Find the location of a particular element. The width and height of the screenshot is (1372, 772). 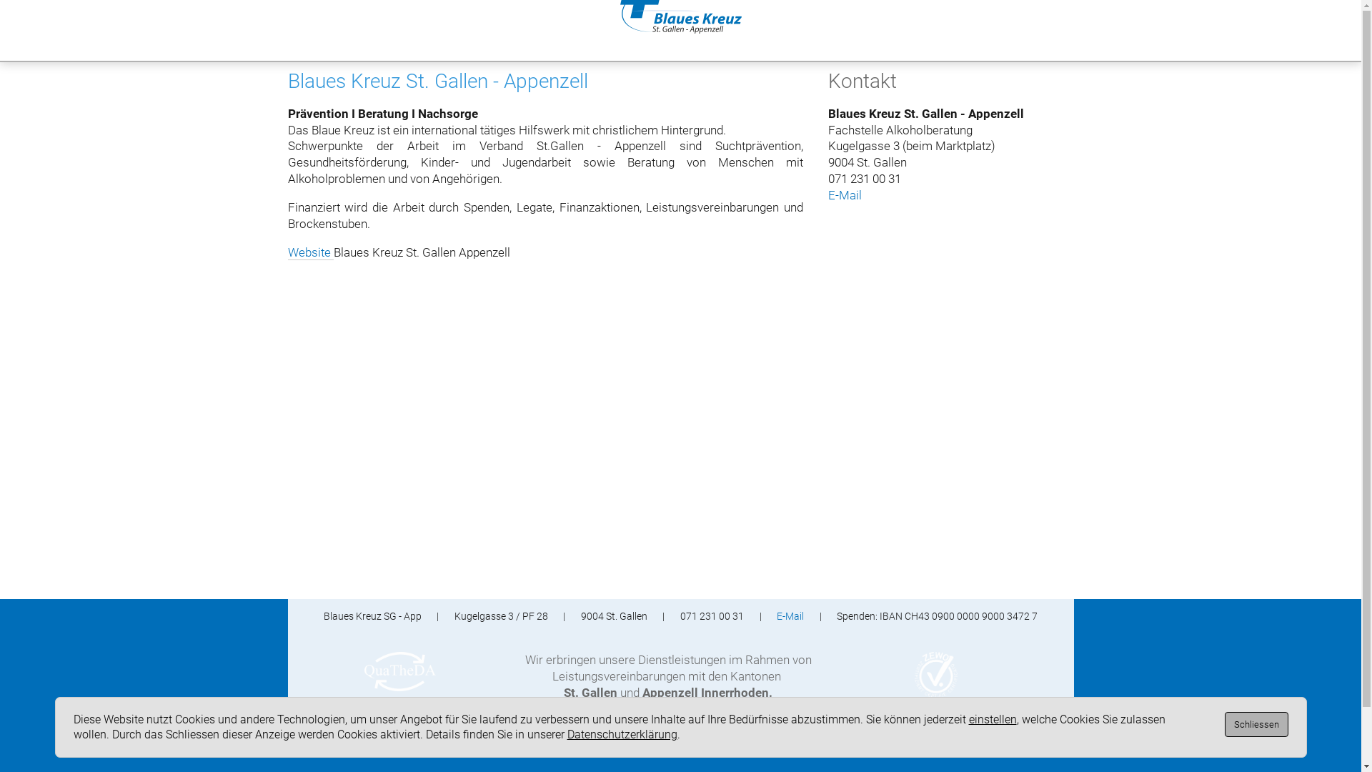

'Website' is located at coordinates (309, 252).